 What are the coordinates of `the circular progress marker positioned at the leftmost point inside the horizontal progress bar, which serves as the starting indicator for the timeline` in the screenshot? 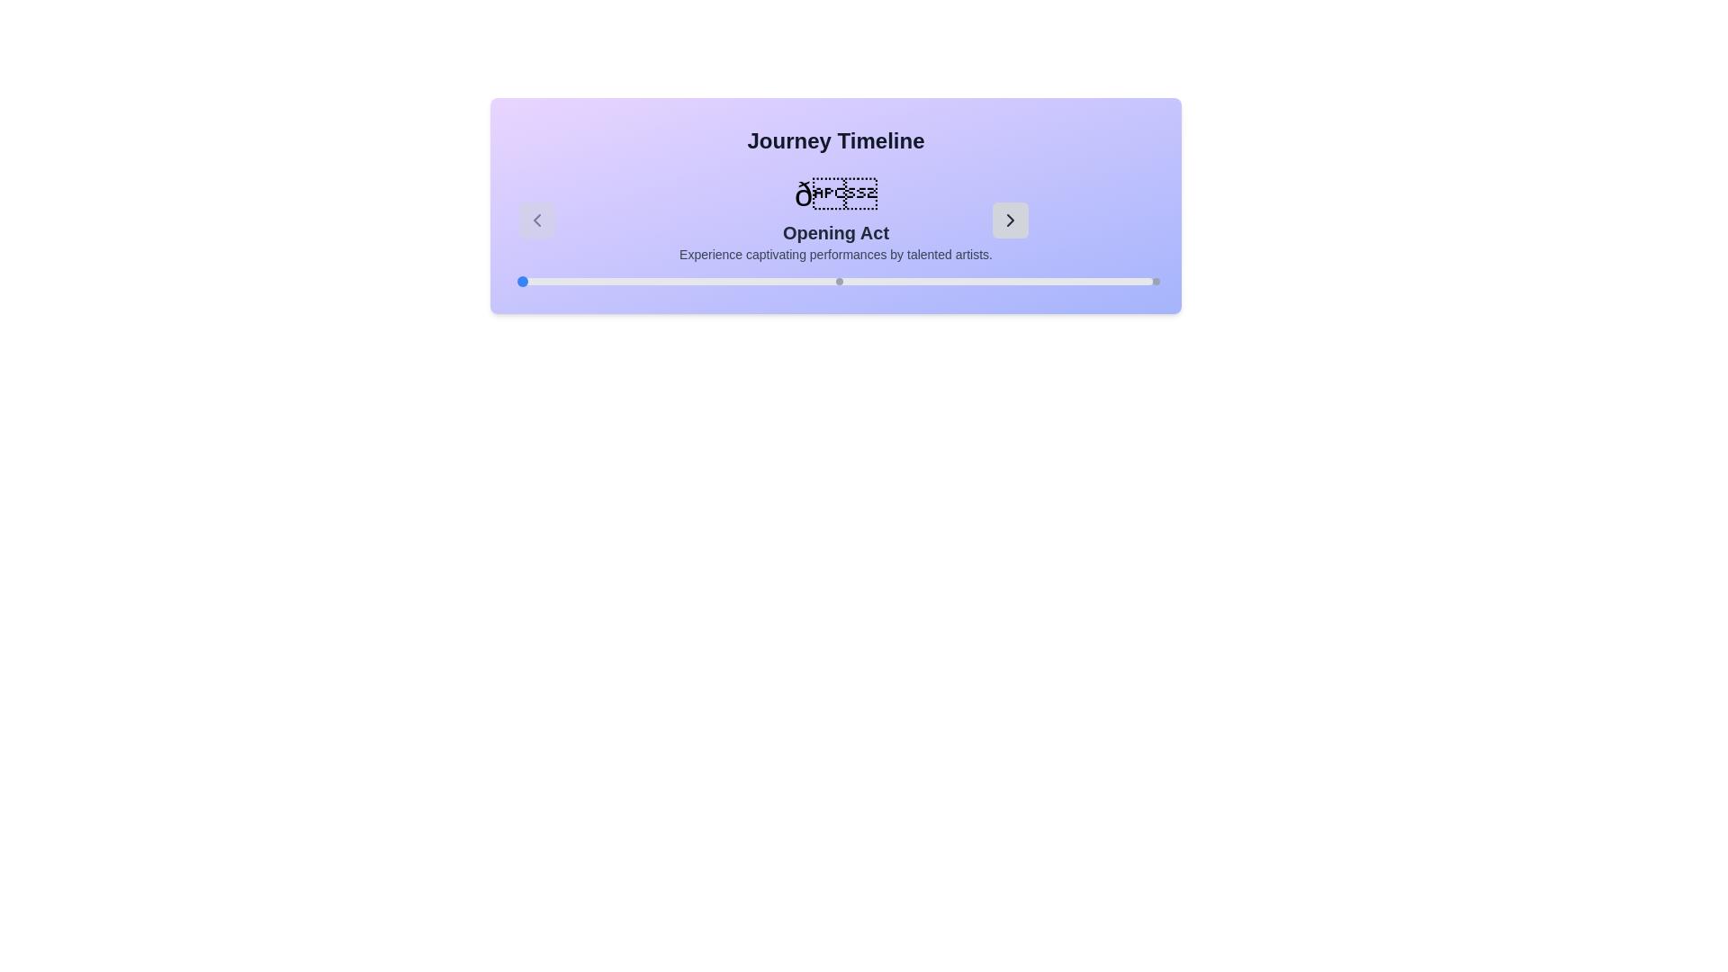 It's located at (521, 281).